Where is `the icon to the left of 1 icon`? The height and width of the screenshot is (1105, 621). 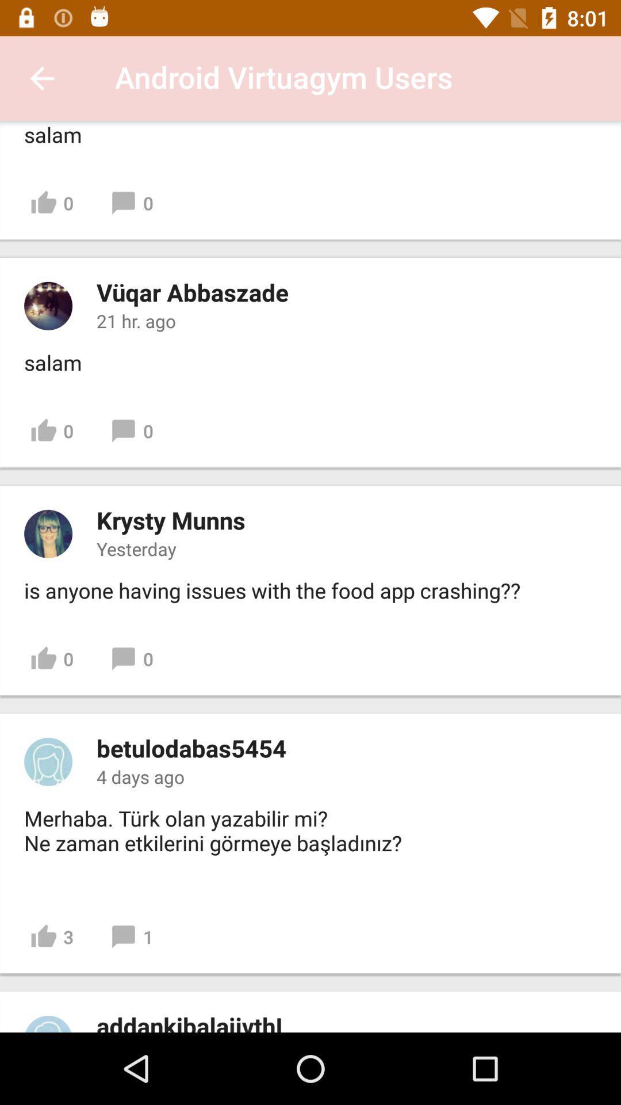 the icon to the left of 1 icon is located at coordinates (52, 937).